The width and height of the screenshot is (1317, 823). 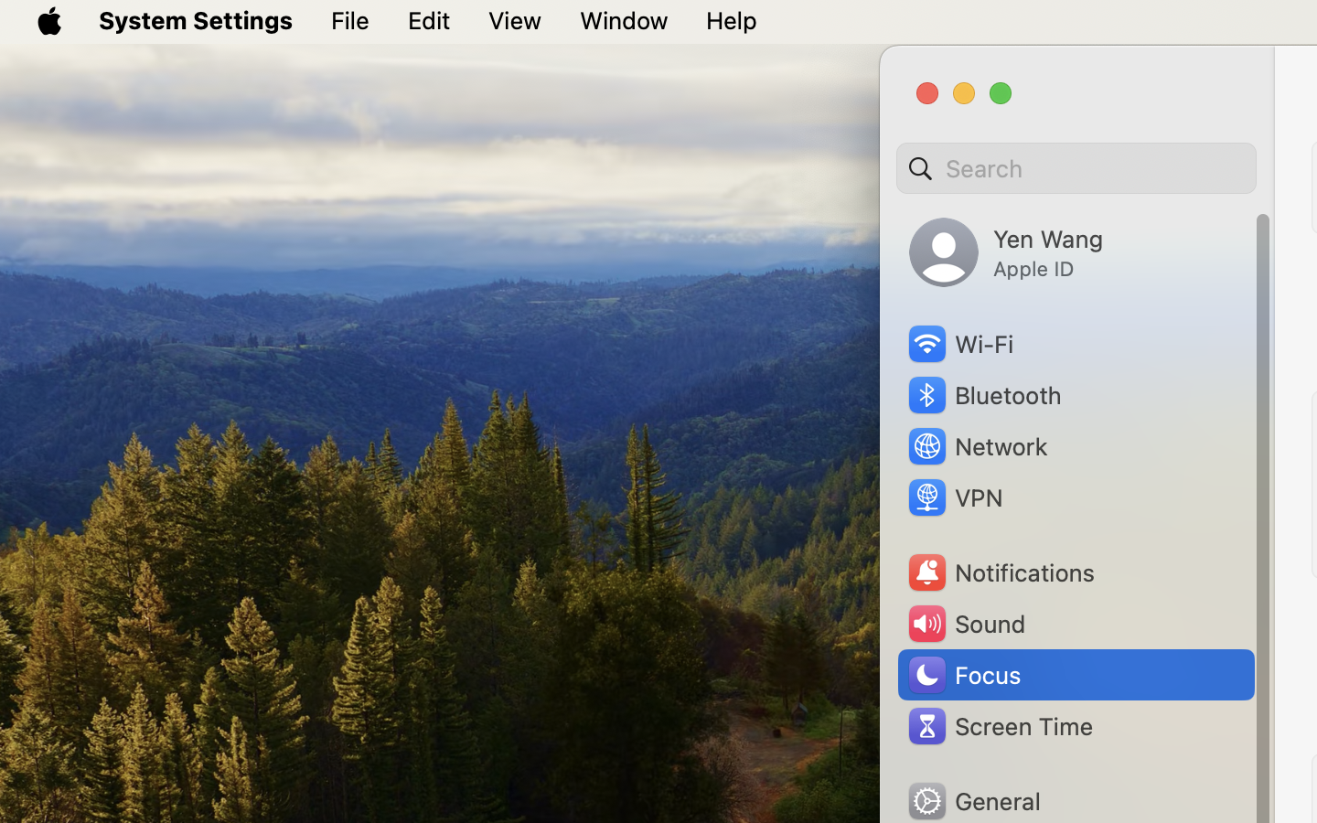 What do you see at coordinates (973, 800) in the screenshot?
I see `'General'` at bounding box center [973, 800].